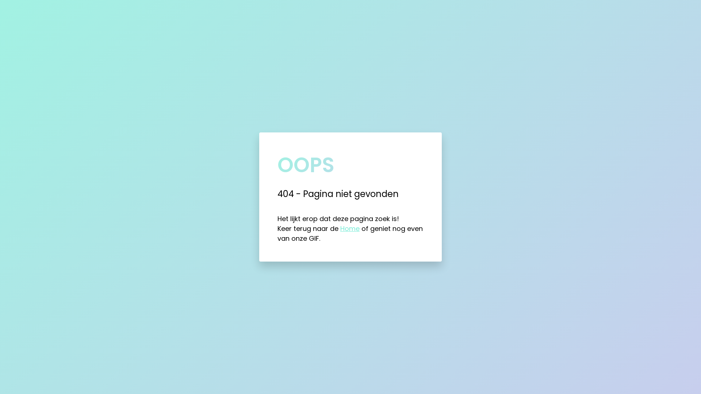 The height and width of the screenshot is (394, 701). Describe the element at coordinates (340, 228) in the screenshot. I see `'Home'` at that location.